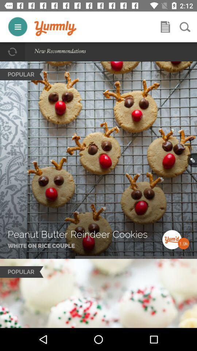 The image size is (197, 351). I want to click on main page, so click(55, 29).